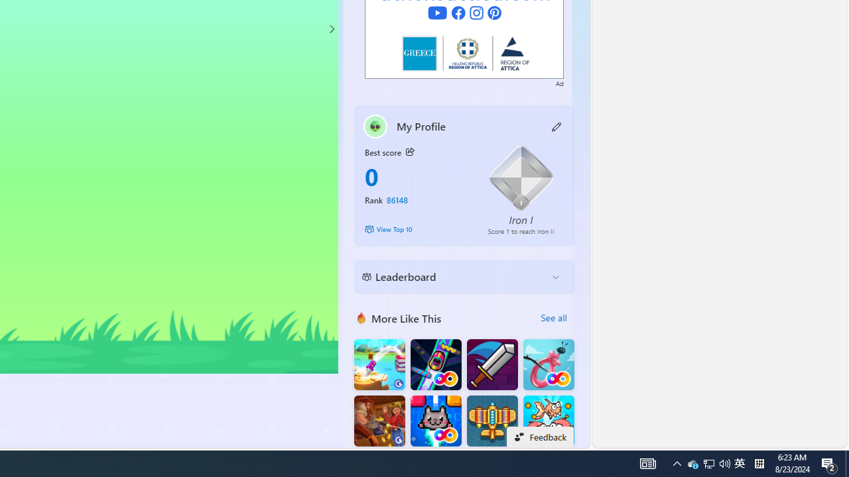  What do you see at coordinates (331, 28) in the screenshot?
I see `'Class: control'` at bounding box center [331, 28].